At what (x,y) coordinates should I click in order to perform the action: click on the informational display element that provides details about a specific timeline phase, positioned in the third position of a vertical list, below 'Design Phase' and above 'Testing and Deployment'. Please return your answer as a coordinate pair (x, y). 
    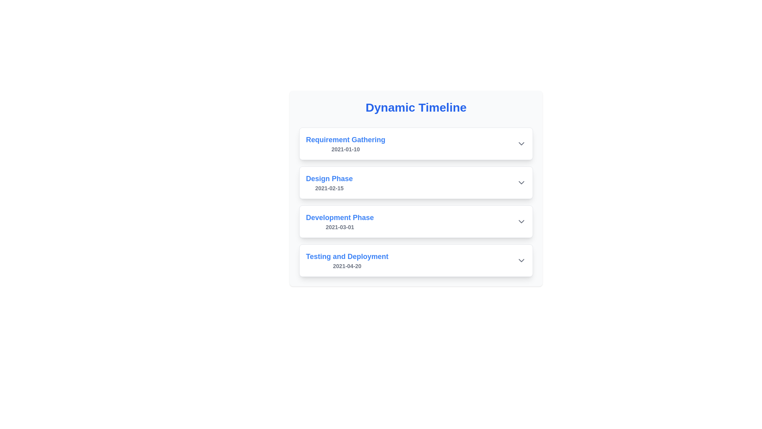
    Looking at the image, I should click on (340, 222).